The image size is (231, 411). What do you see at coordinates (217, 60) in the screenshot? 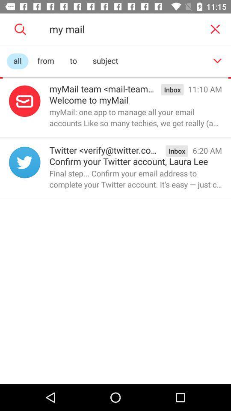
I see `the icon next to the subject` at bounding box center [217, 60].